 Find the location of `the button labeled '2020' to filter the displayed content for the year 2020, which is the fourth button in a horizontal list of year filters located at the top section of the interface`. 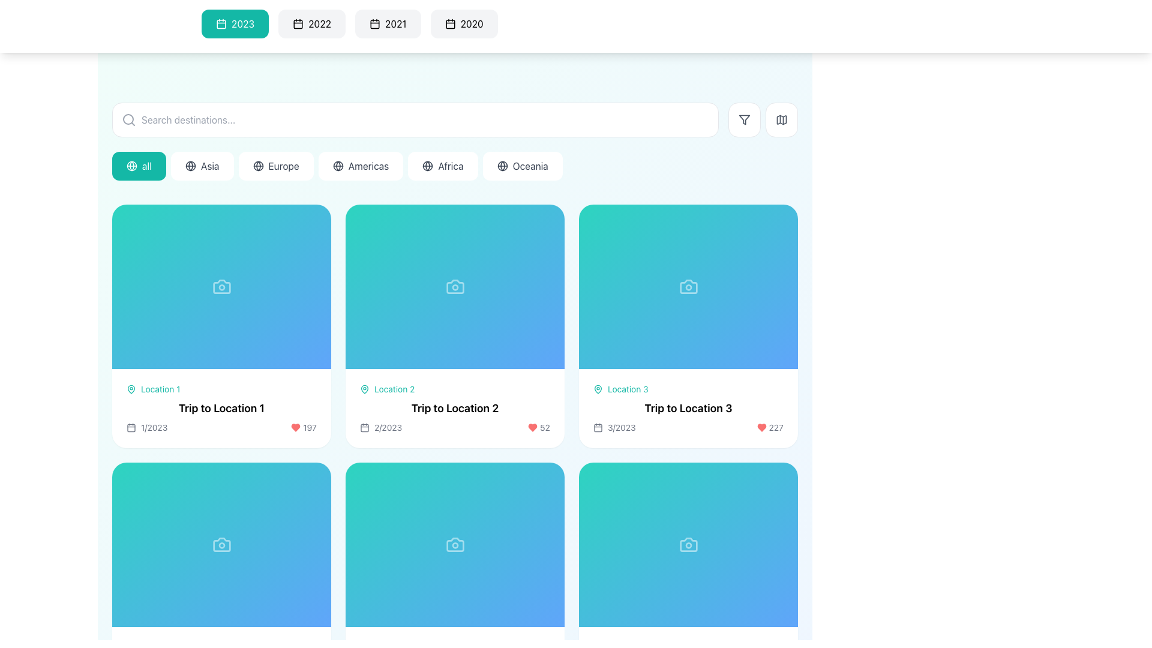

the button labeled '2020' to filter the displayed content for the year 2020, which is the fourth button in a horizontal list of year filters located at the top section of the interface is located at coordinates (463, 23).